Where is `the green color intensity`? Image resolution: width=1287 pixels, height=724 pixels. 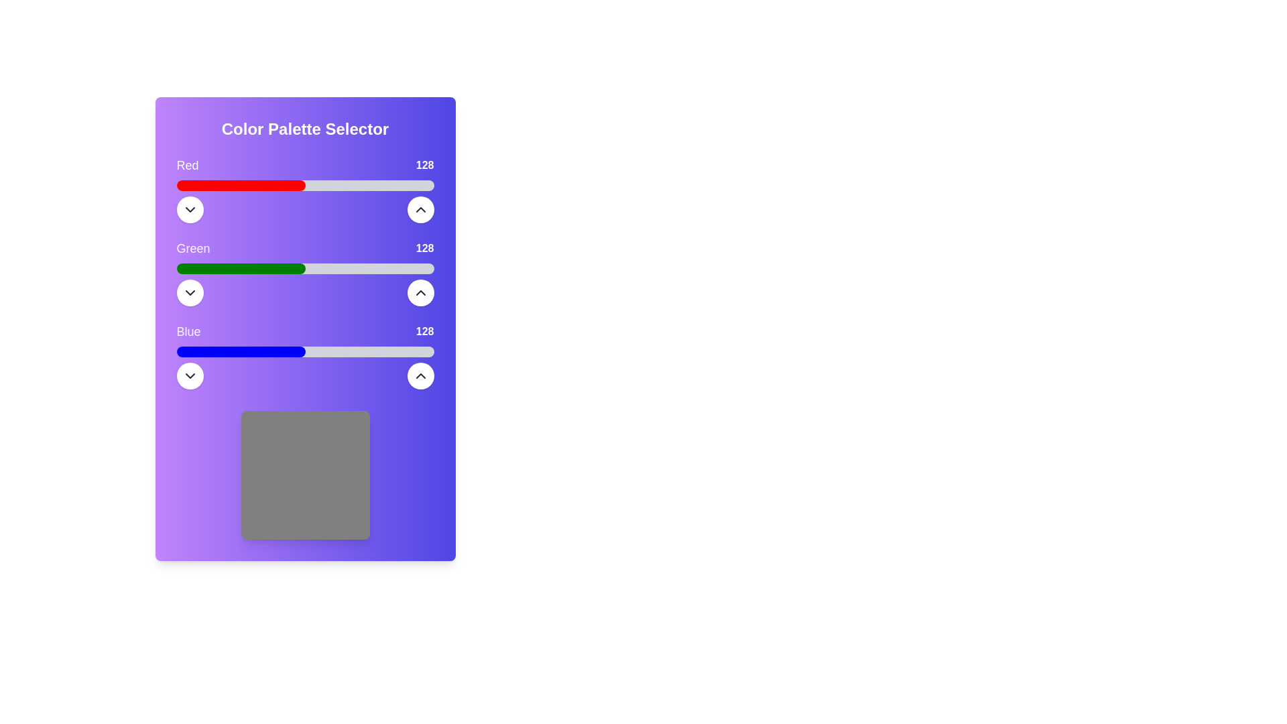
the green color intensity is located at coordinates (299, 269).